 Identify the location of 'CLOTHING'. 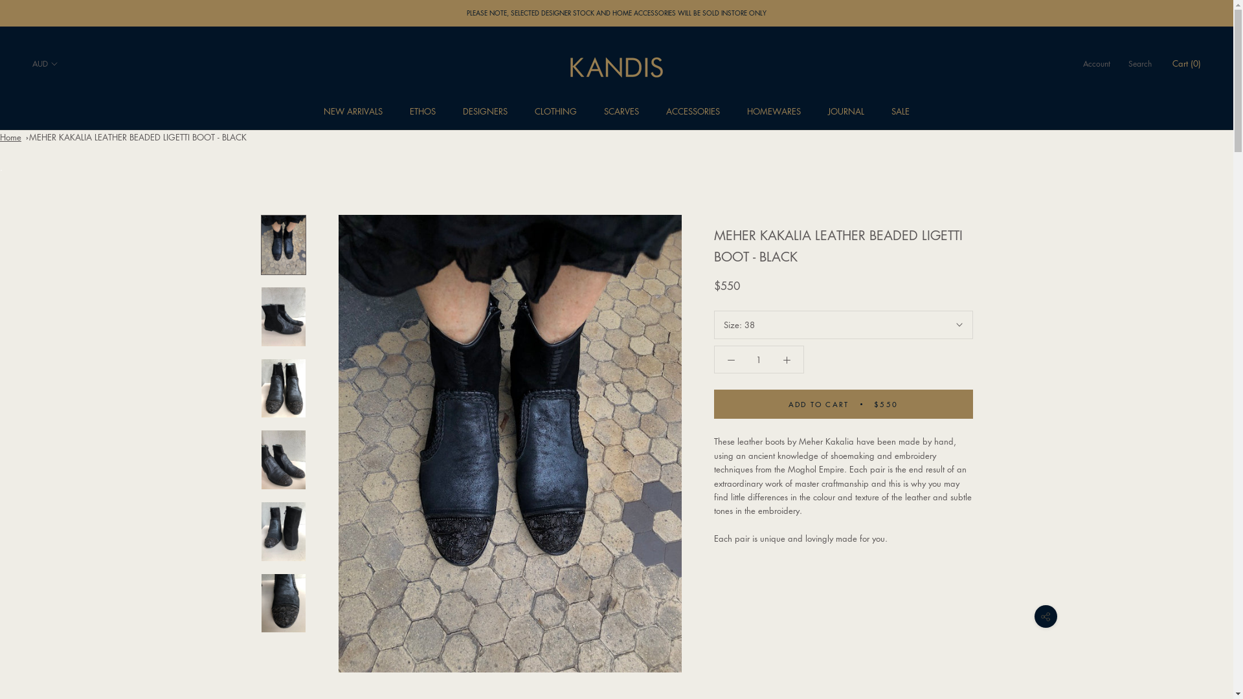
(555, 110).